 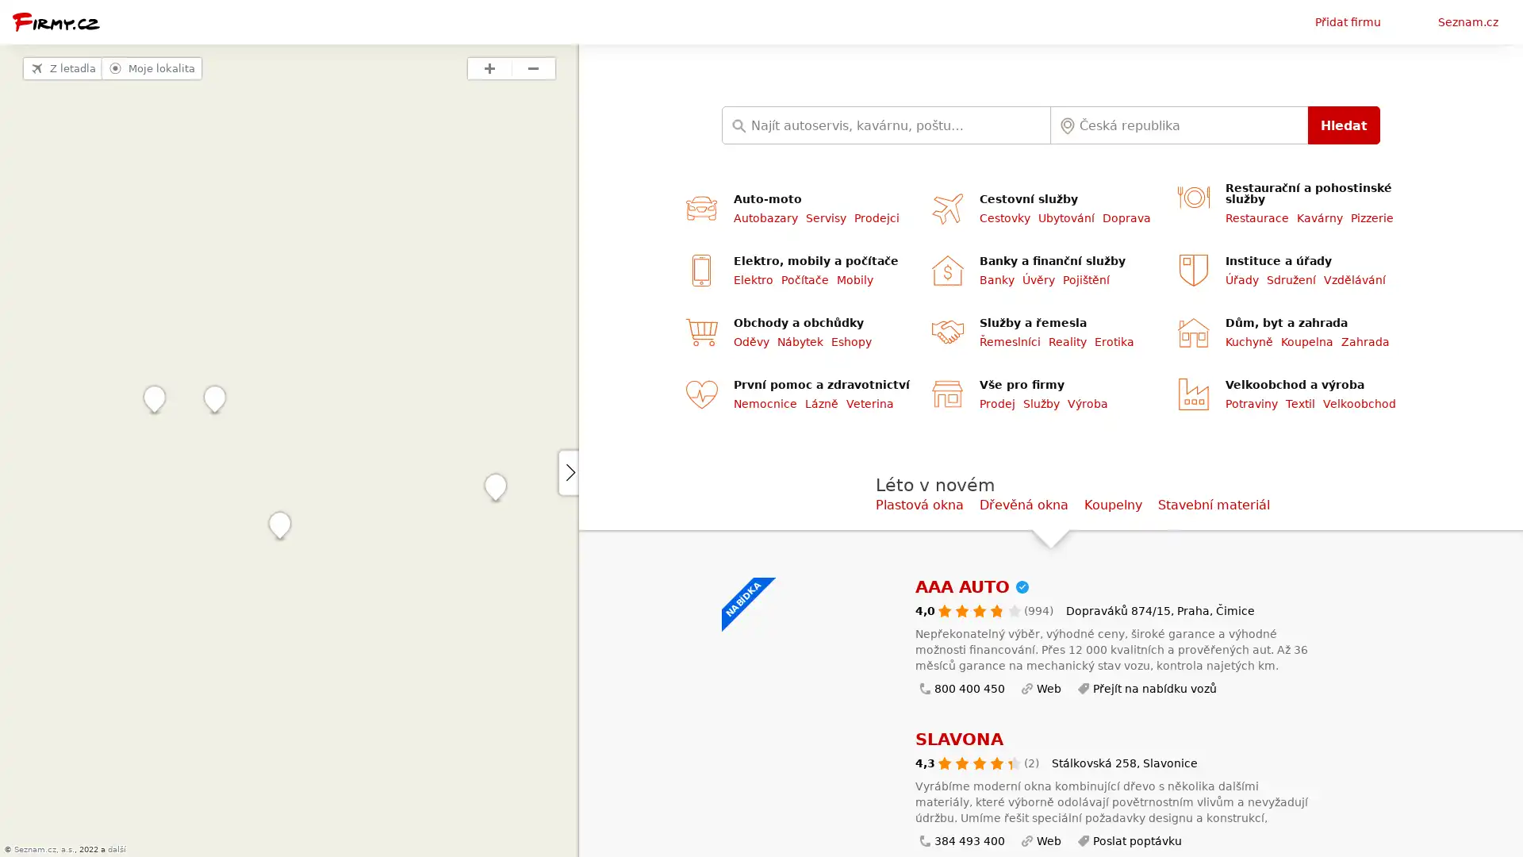 I want to click on English, so click(x=885, y=18).